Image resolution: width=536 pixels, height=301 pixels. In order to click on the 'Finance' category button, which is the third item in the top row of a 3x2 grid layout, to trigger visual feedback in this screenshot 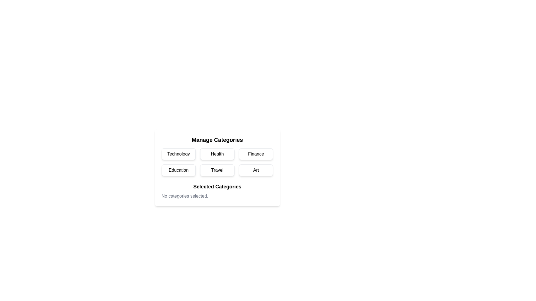, I will do `click(256, 154)`.